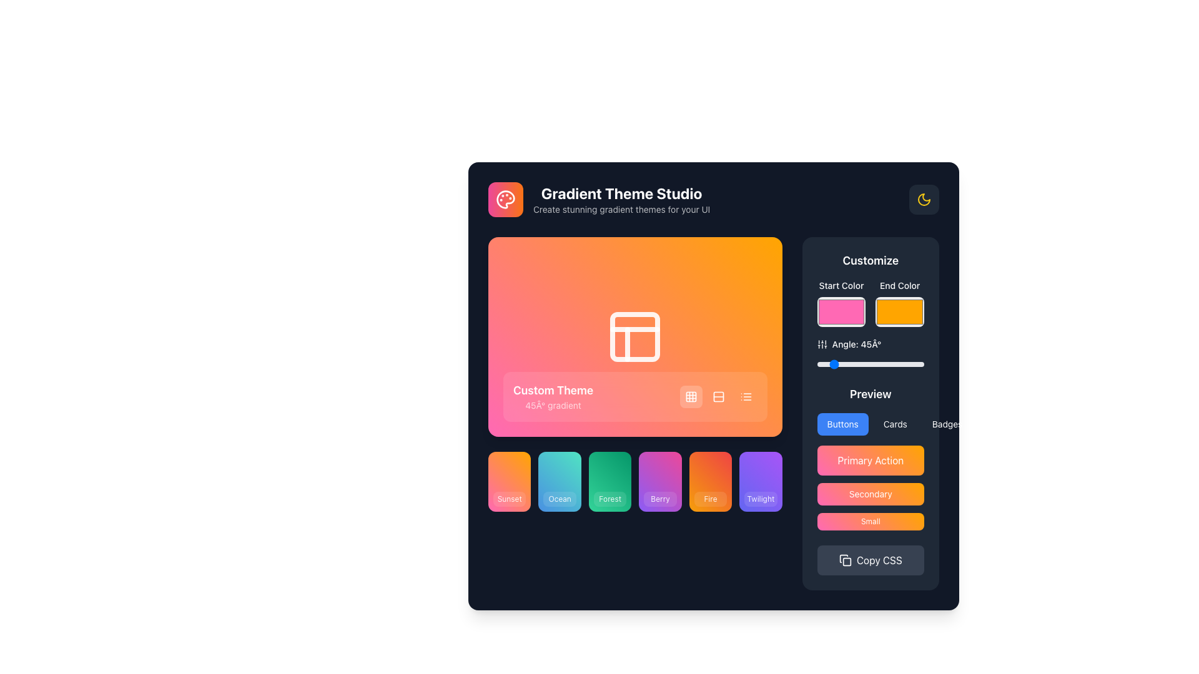 This screenshot has height=674, width=1199. Describe the element at coordinates (869, 423) in the screenshot. I see `the 'Cards' button in the horizontal navigation segmented control` at that location.